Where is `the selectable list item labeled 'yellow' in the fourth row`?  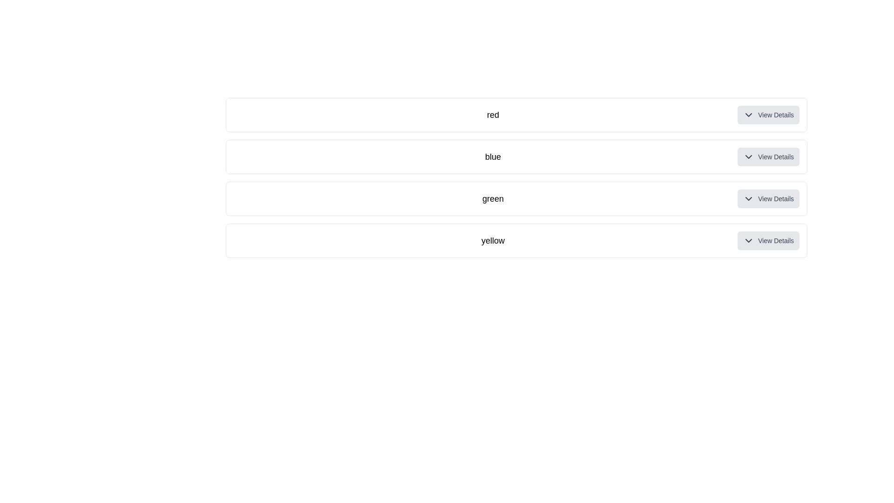 the selectable list item labeled 'yellow' in the fourth row is located at coordinates (516, 240).